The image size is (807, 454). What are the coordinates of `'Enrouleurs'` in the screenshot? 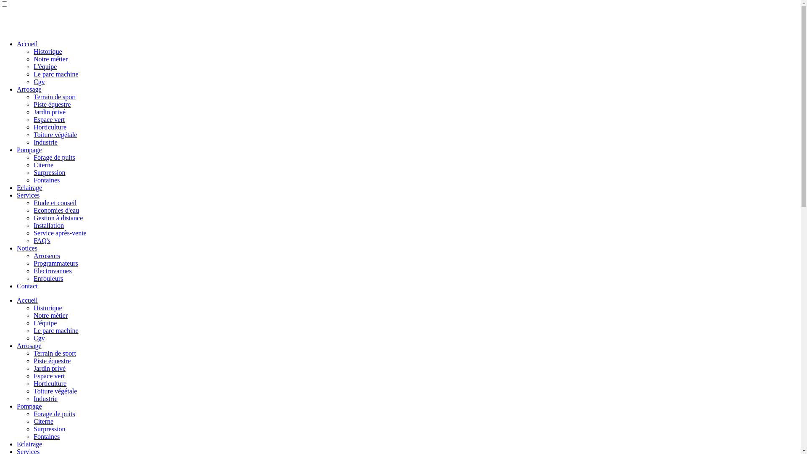 It's located at (48, 278).